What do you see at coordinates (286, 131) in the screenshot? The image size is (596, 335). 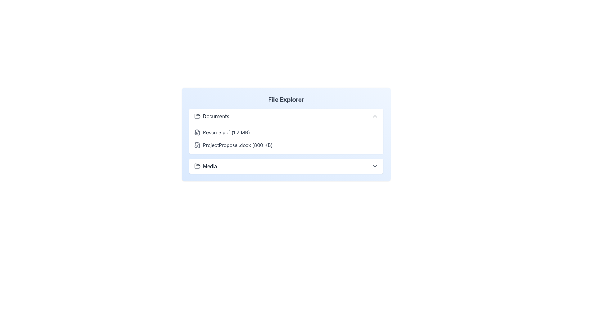 I see `the first file within the collapsible folder component in the file explorer` at bounding box center [286, 131].